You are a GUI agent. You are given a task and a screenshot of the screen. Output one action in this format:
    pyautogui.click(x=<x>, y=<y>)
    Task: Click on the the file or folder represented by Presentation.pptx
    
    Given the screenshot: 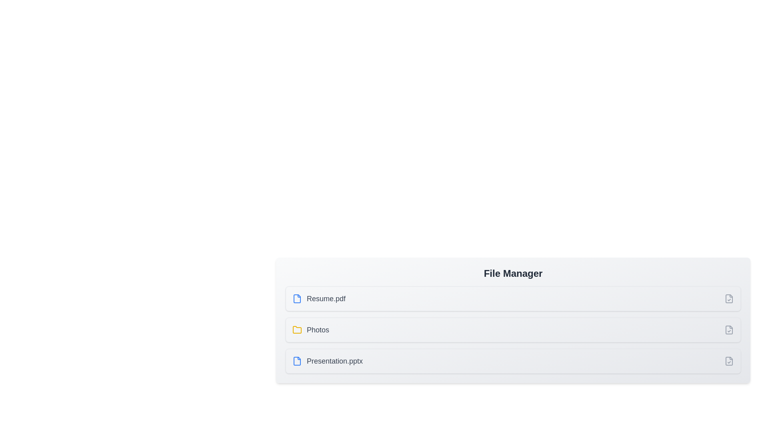 What is the action you would take?
    pyautogui.click(x=328, y=361)
    